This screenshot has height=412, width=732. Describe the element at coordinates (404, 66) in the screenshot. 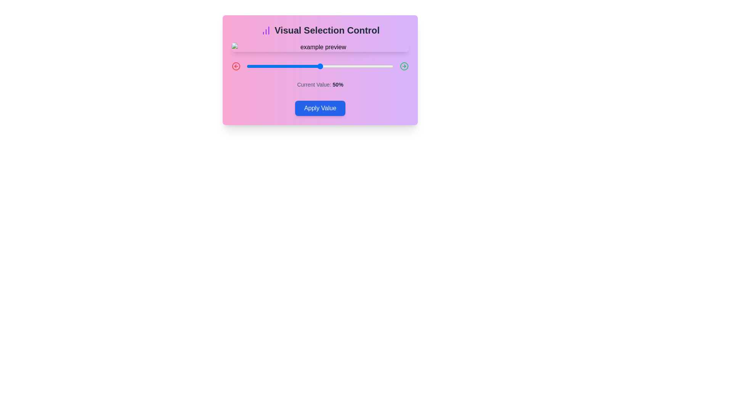

I see `the right arrow icon to adjust the value` at that location.